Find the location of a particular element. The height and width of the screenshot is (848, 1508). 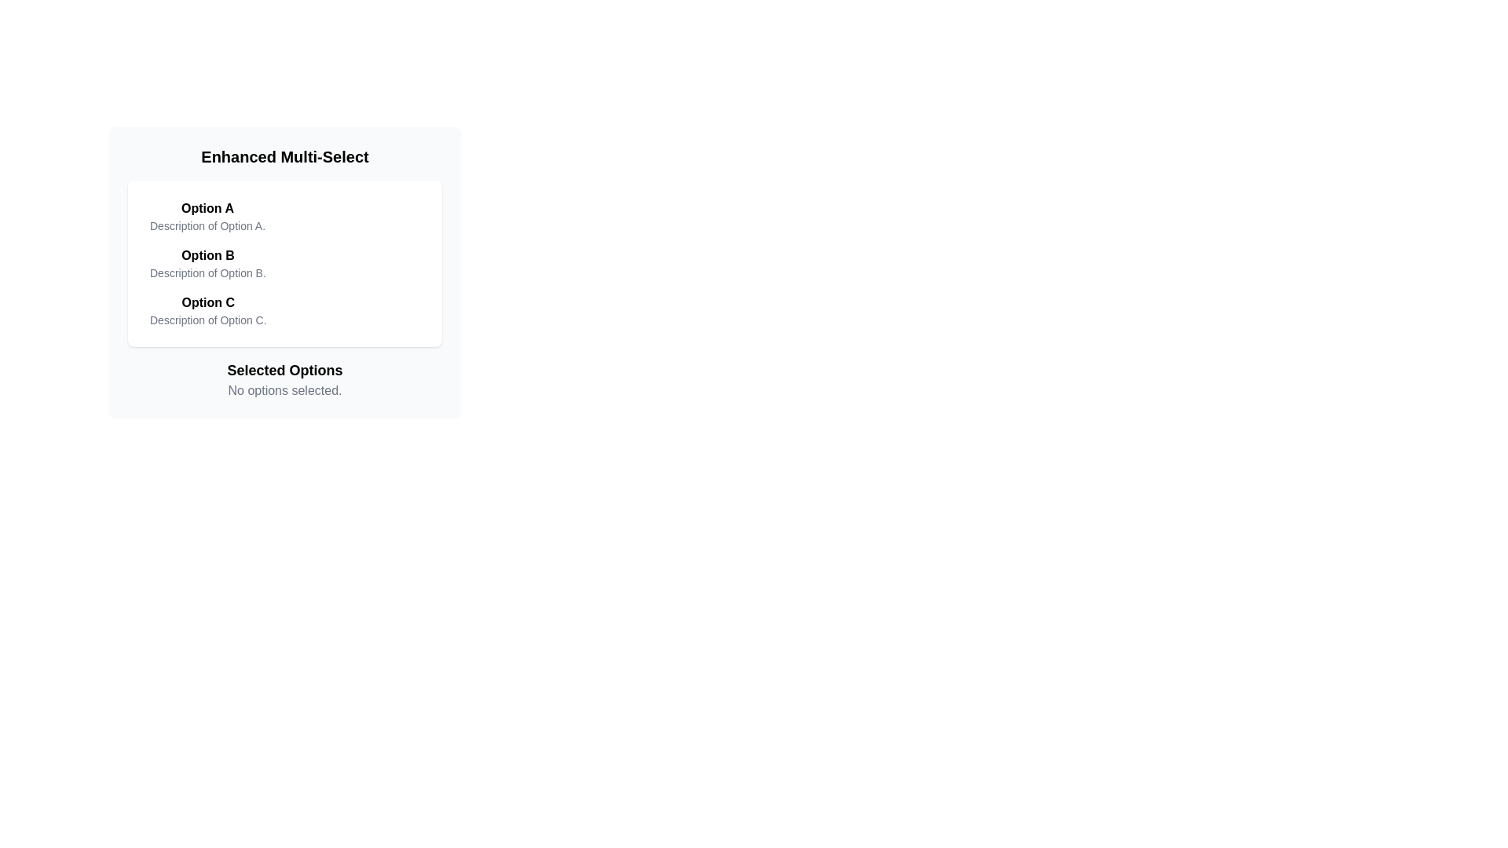

the Text display element that shows 'Selected Options' and 'No options selected.' located below the selectable options in the centered card is located at coordinates (285, 379).